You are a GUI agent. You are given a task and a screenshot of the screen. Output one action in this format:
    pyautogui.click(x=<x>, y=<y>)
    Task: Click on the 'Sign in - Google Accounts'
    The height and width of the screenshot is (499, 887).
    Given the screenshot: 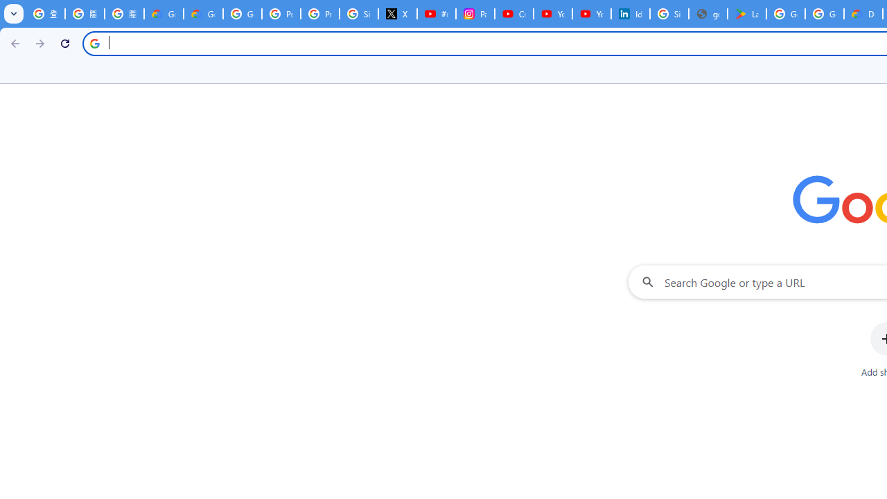 What is the action you would take?
    pyautogui.click(x=669, y=14)
    